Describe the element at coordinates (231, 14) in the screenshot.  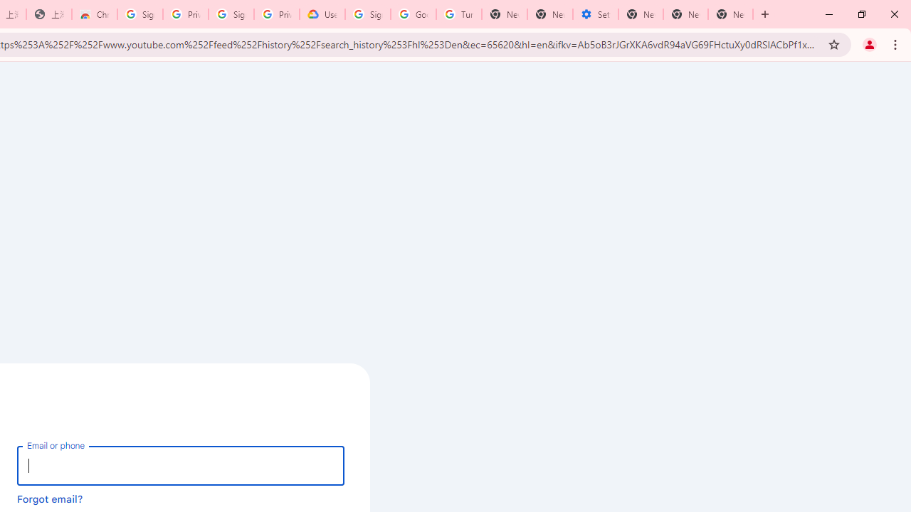
I see `'Sign in - Google Accounts'` at that location.